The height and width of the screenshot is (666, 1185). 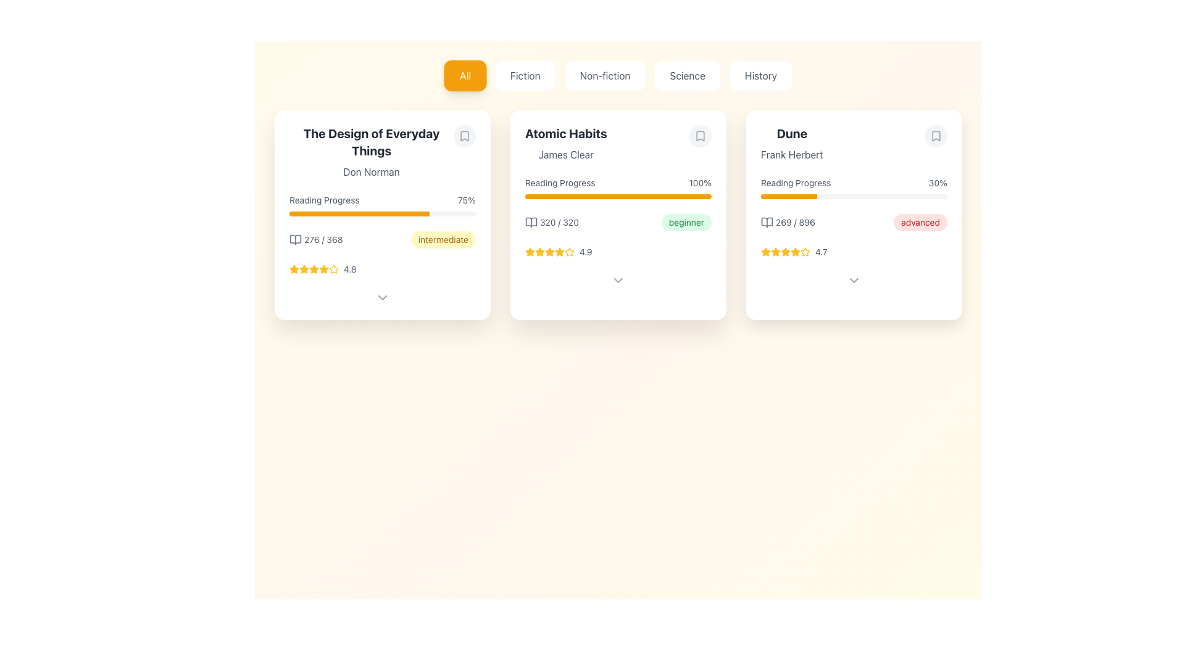 I want to click on the orange progress bar segment representing 30% of the total progress in the 'Dune' card under 'Reading Progress', so click(x=788, y=196).